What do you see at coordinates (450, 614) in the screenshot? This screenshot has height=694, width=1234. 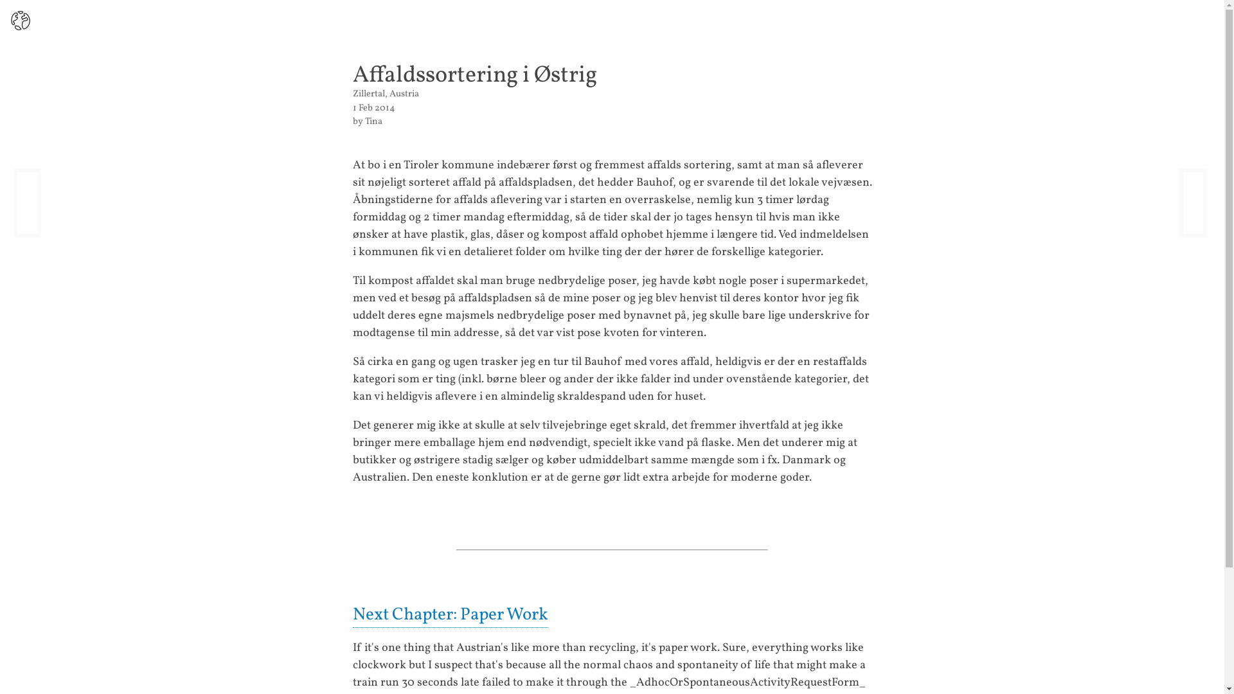 I see `'Next Chapter: Paper Work'` at bounding box center [450, 614].